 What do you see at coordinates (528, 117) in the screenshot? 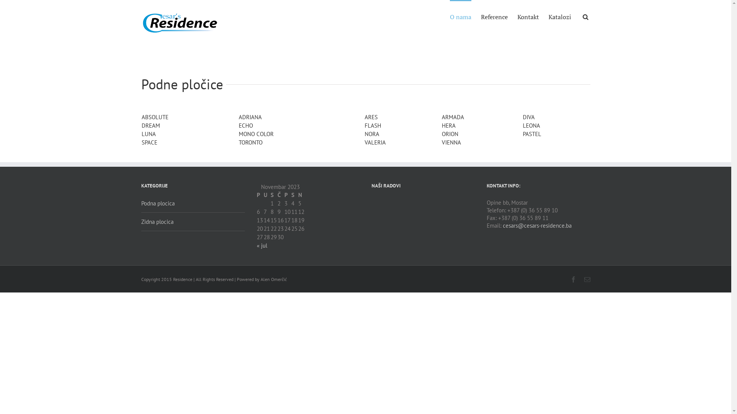
I see `'DIVA'` at bounding box center [528, 117].